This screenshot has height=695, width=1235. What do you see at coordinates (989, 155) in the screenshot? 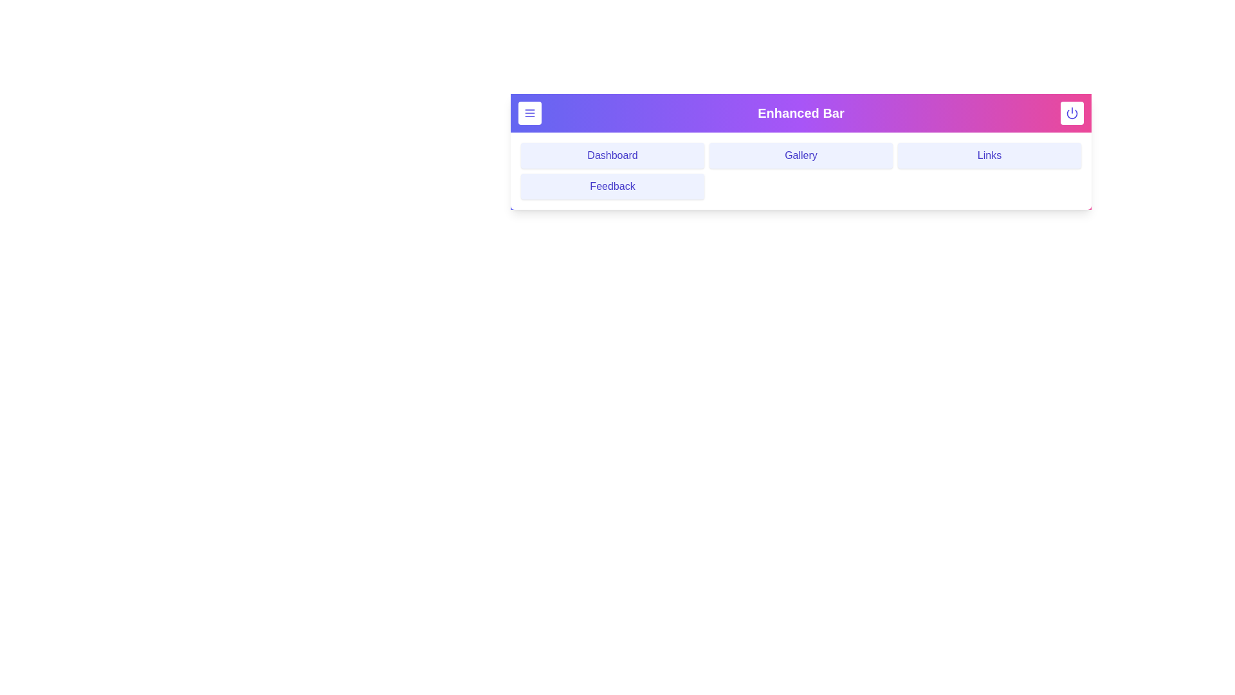
I see `the menu button labeled Links` at bounding box center [989, 155].